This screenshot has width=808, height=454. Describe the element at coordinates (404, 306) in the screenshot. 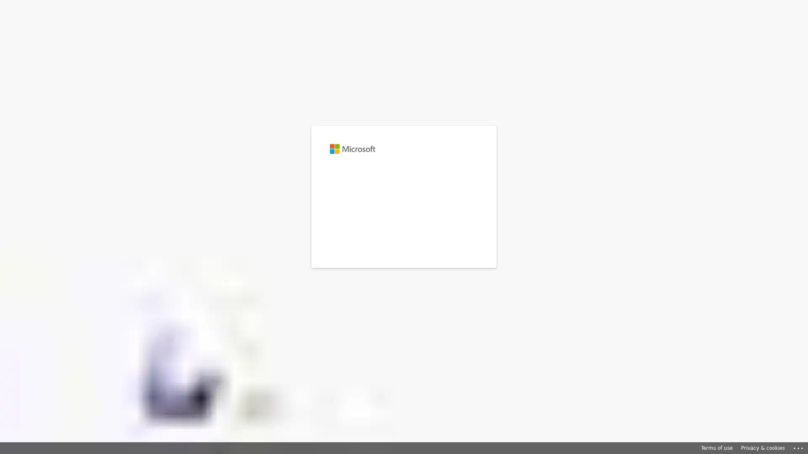

I see `Sign-in options` at that location.